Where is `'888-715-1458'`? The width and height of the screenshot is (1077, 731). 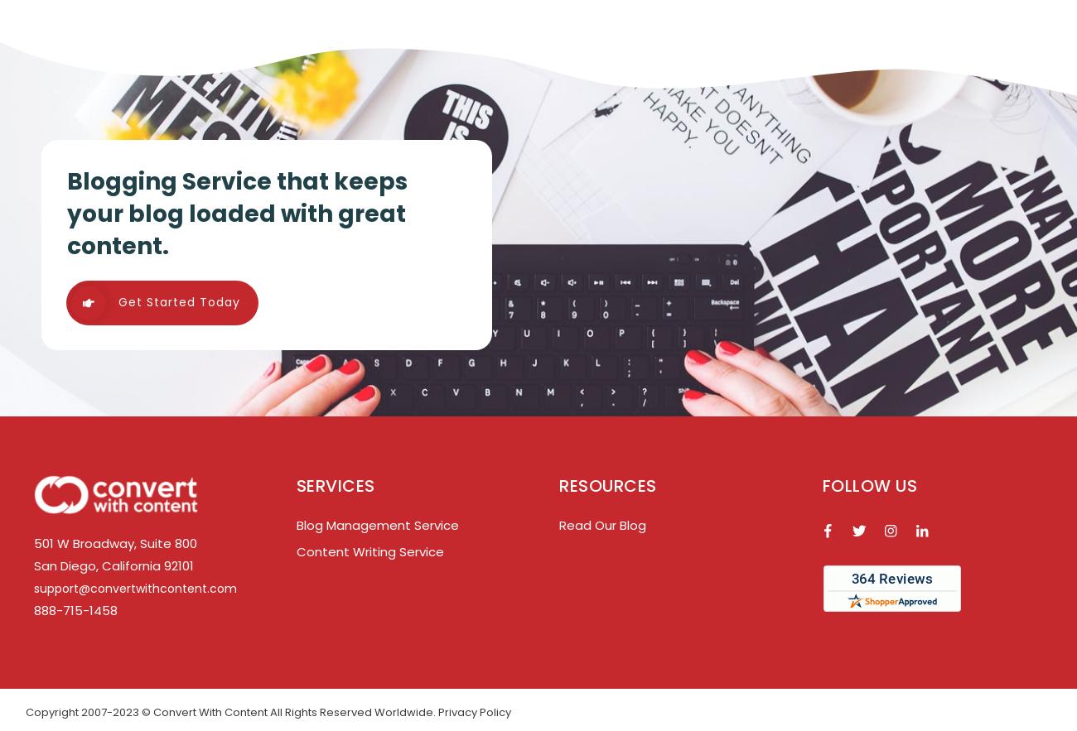 '888-715-1458' is located at coordinates (32, 608).